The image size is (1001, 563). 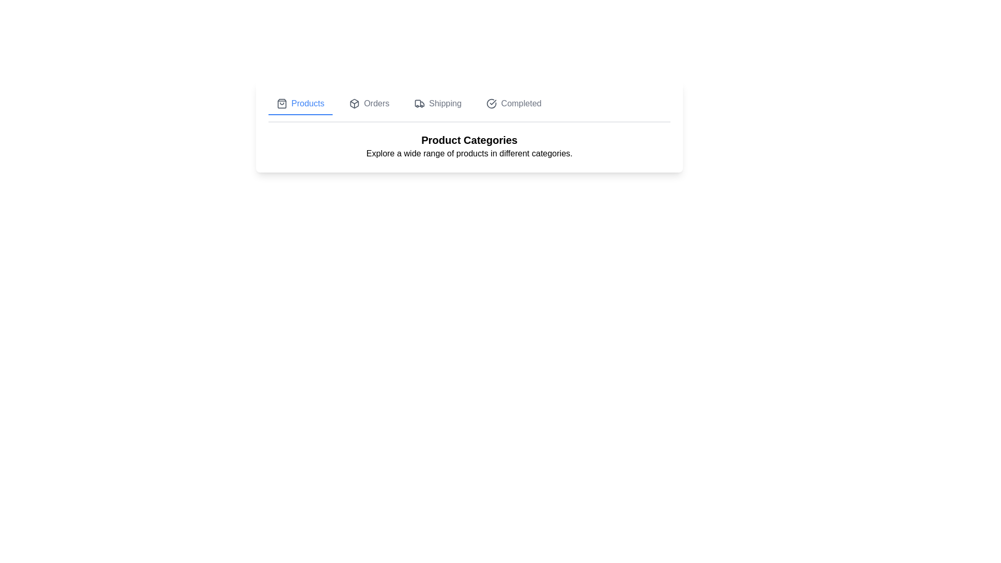 I want to click on the 'Shipping' icon which is embedded inside the 'Shipping' tab by moving the cursor to its center point, so click(x=420, y=104).